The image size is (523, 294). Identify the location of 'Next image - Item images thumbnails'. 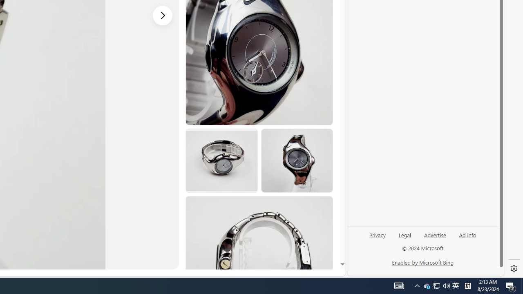
(163, 15).